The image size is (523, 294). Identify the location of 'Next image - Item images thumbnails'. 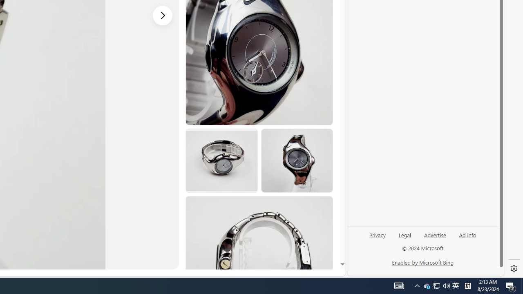
(163, 15).